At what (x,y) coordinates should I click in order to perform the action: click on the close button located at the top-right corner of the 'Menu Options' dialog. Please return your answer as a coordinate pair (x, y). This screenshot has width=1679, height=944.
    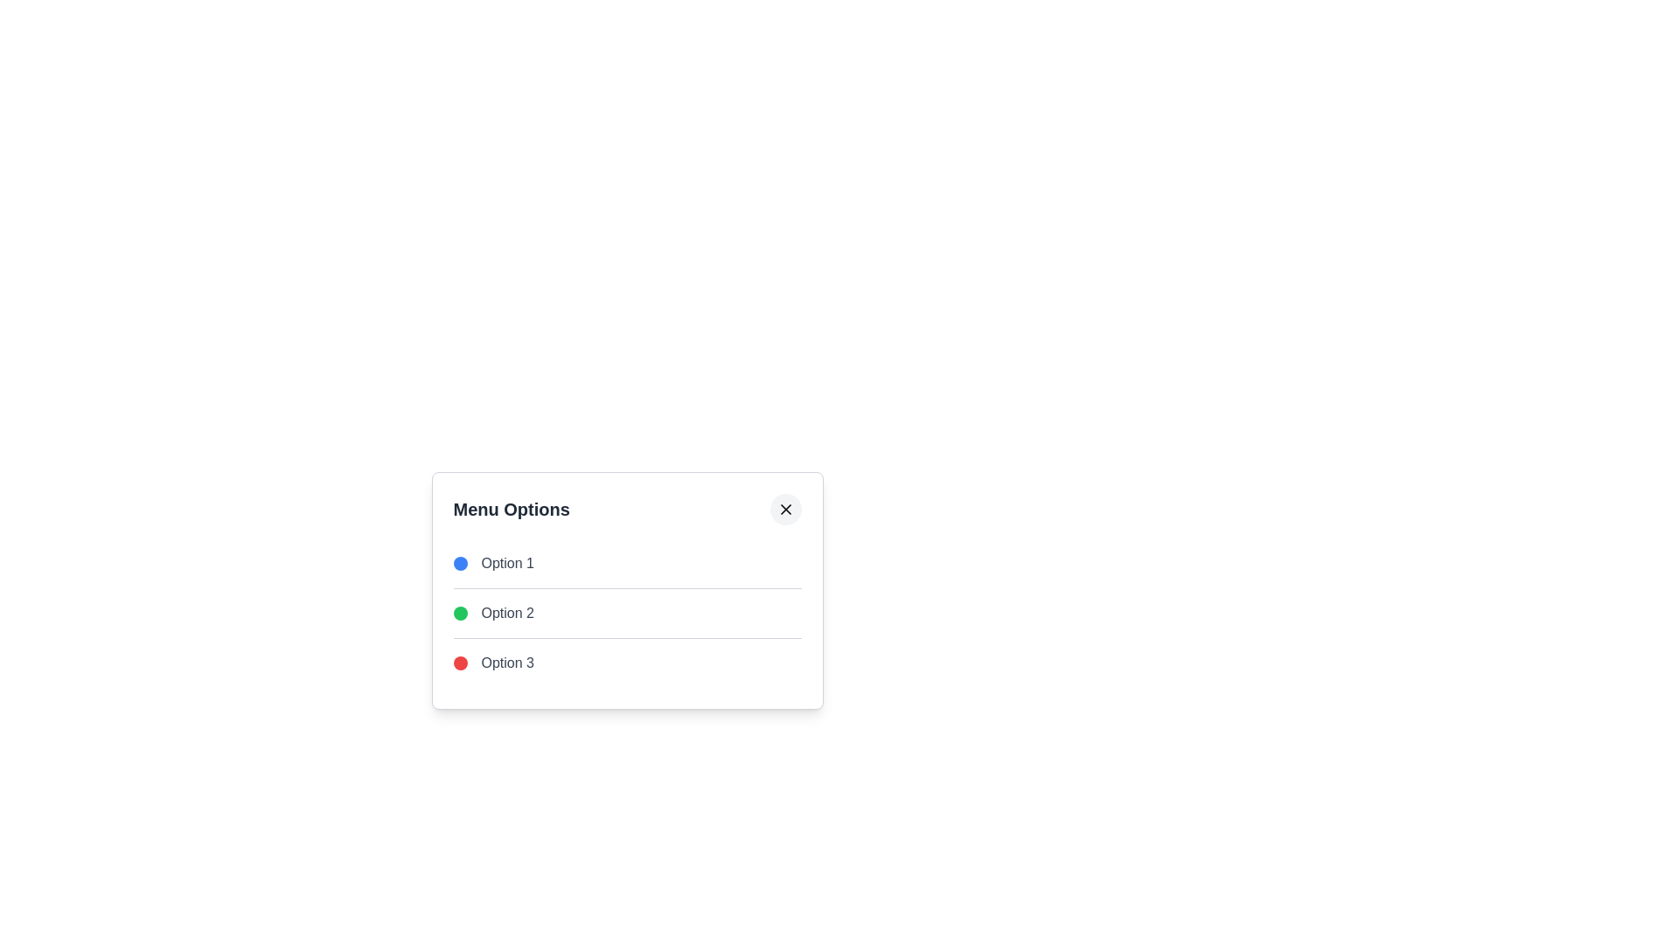
    Looking at the image, I should click on (784, 509).